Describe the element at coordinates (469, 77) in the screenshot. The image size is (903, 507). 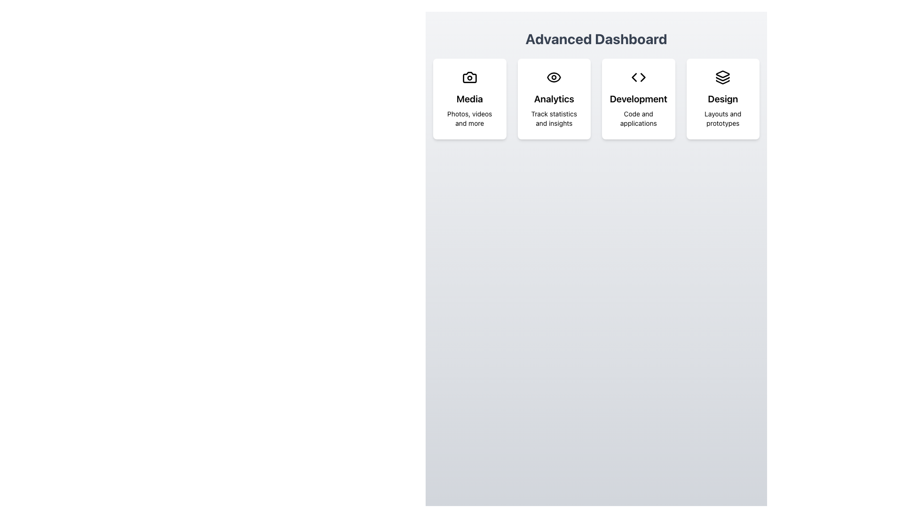
I see `the camera icon located in the 'Media' card of the 'Advanced Dashboard'` at that location.